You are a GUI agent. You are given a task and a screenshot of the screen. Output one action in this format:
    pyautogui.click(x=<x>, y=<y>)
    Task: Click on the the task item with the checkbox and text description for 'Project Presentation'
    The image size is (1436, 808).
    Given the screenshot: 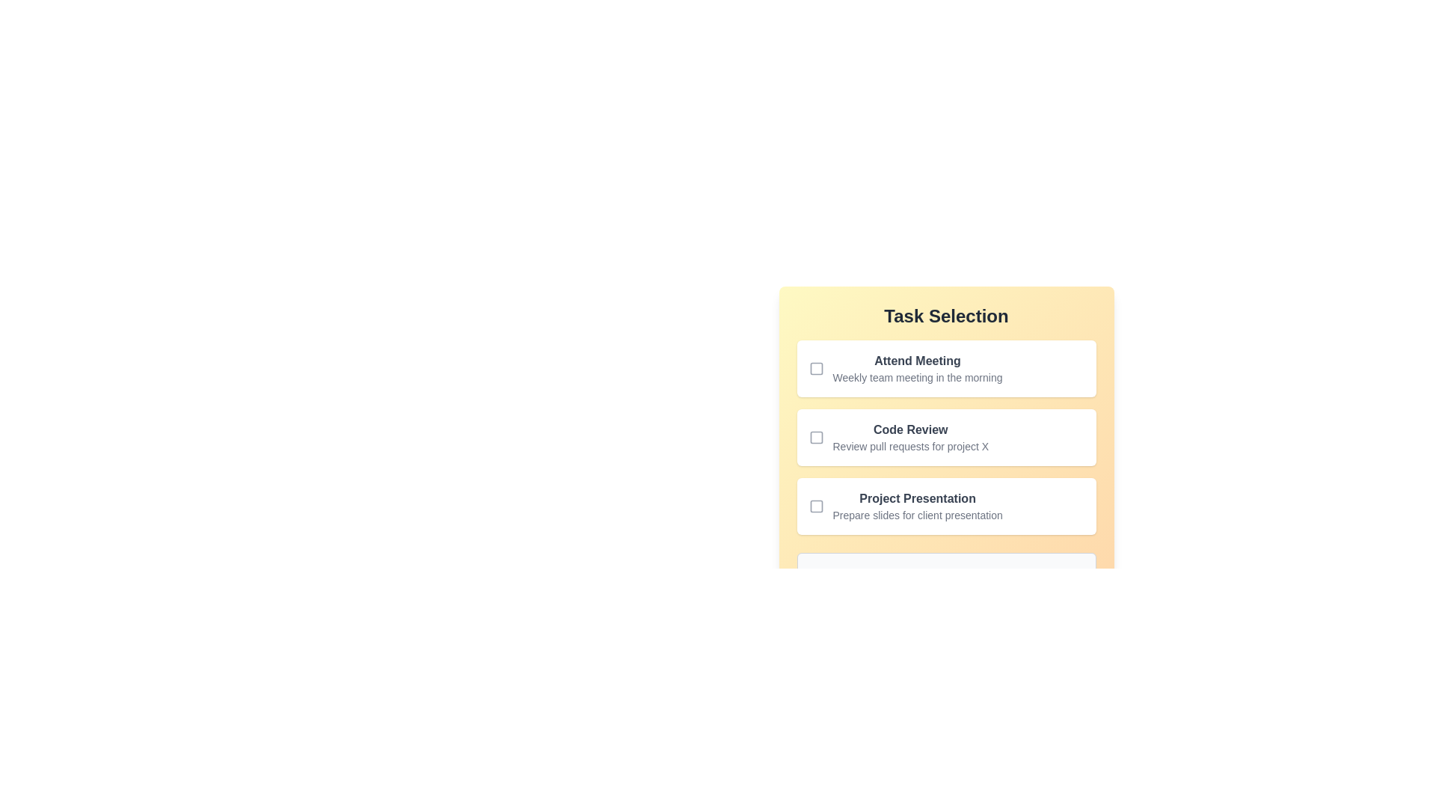 What is the action you would take?
    pyautogui.click(x=945, y=506)
    